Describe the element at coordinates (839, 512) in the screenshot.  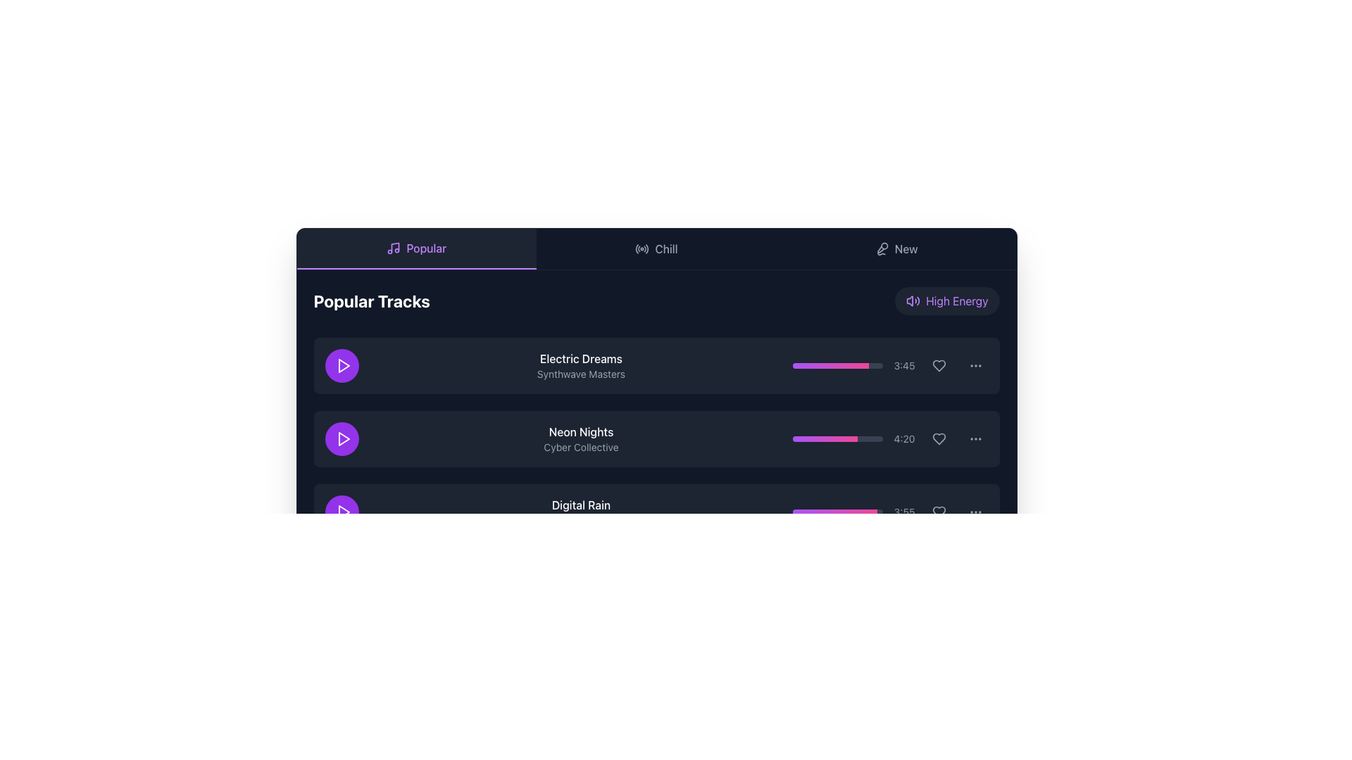
I see `the slider value` at that location.